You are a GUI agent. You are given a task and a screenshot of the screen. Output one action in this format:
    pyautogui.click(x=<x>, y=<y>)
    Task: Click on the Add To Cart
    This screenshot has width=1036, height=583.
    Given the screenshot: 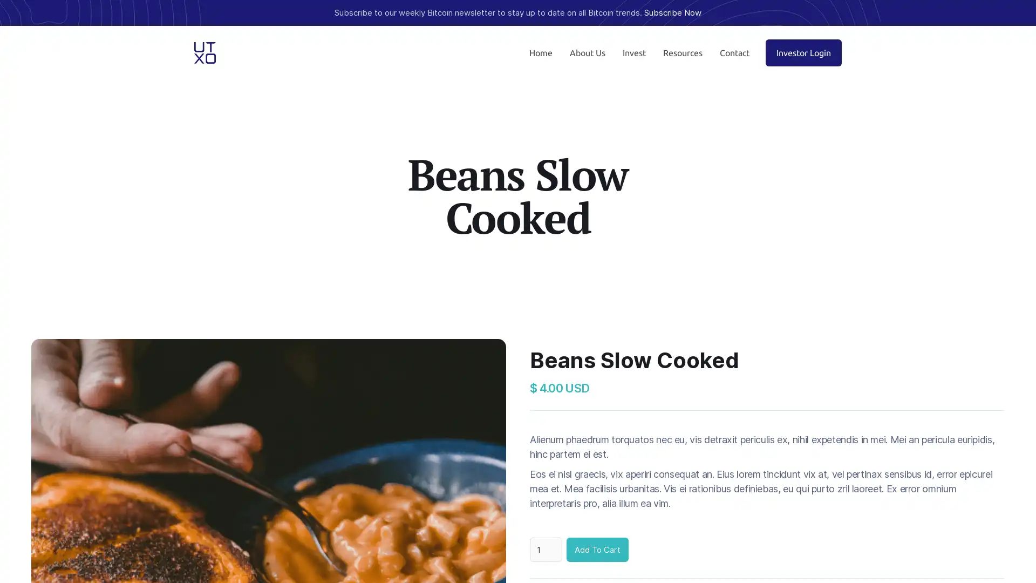 What is the action you would take?
    pyautogui.click(x=597, y=550)
    